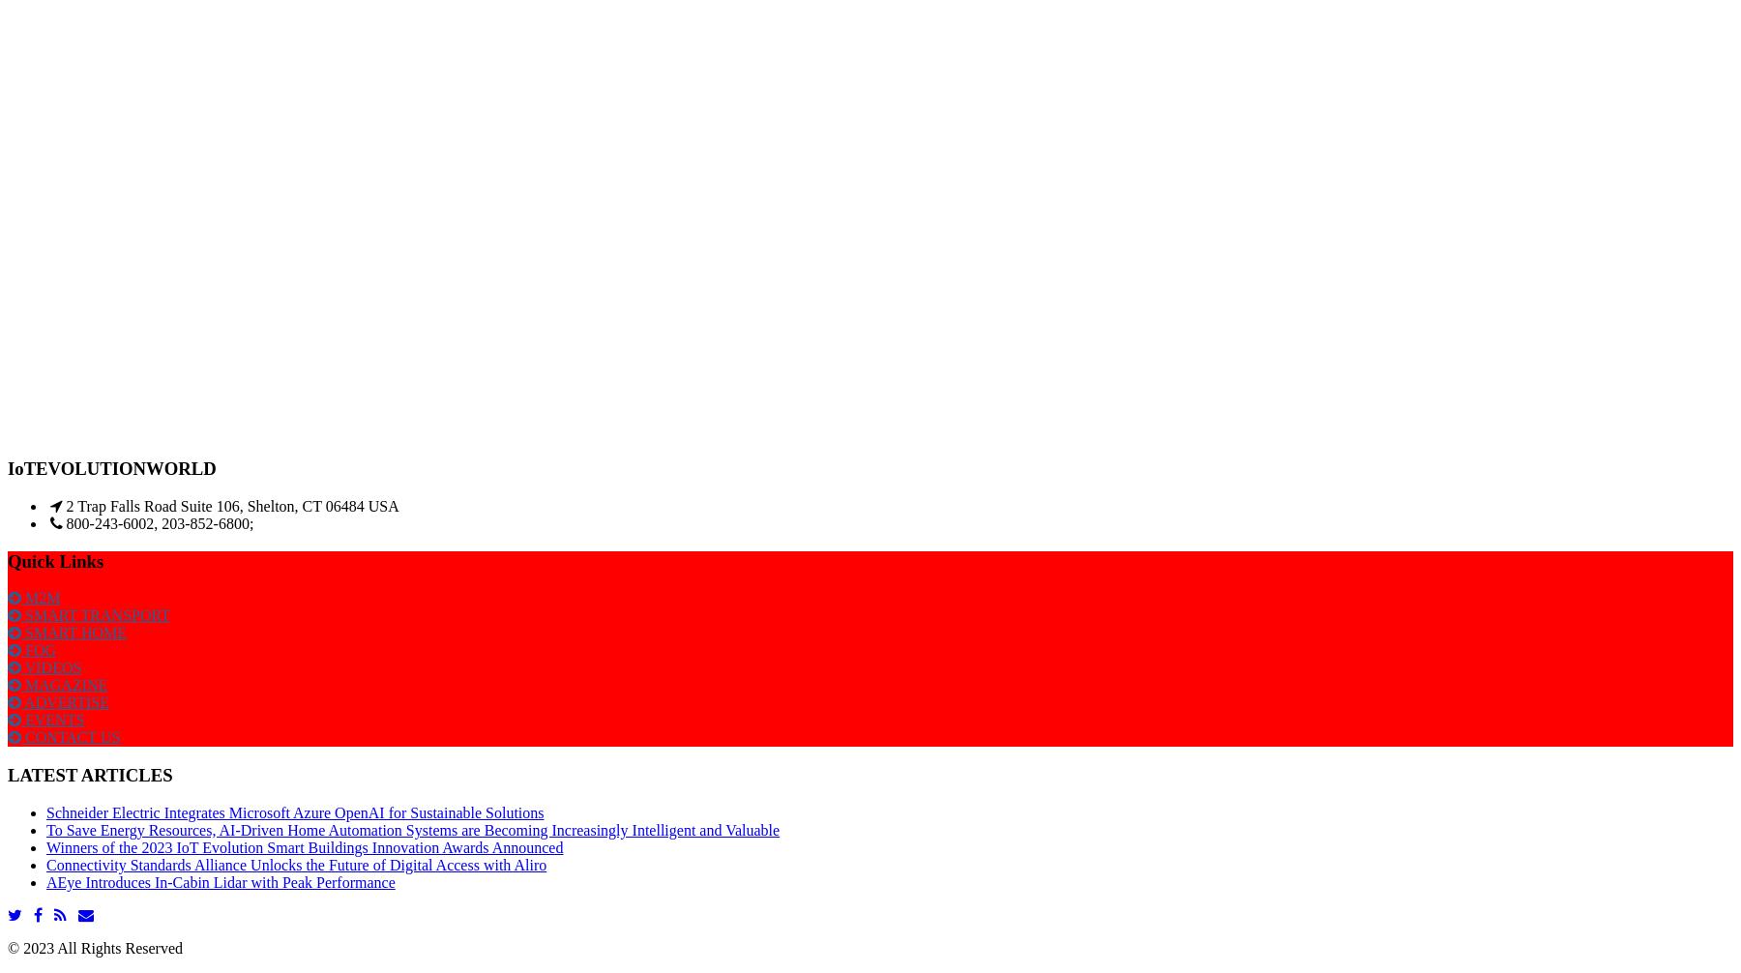 The height and width of the screenshot is (973, 1741). What do you see at coordinates (293, 811) in the screenshot?
I see `'Schneider Electric Integrates Microsoft Azure OpenAI for Sustainable Solutions'` at bounding box center [293, 811].